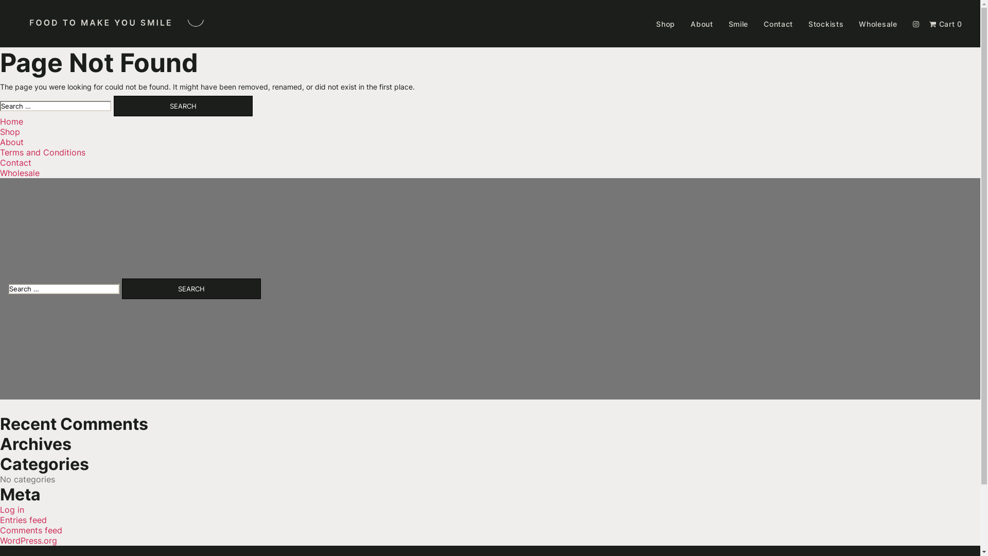  What do you see at coordinates (183, 106) in the screenshot?
I see `'Search'` at bounding box center [183, 106].